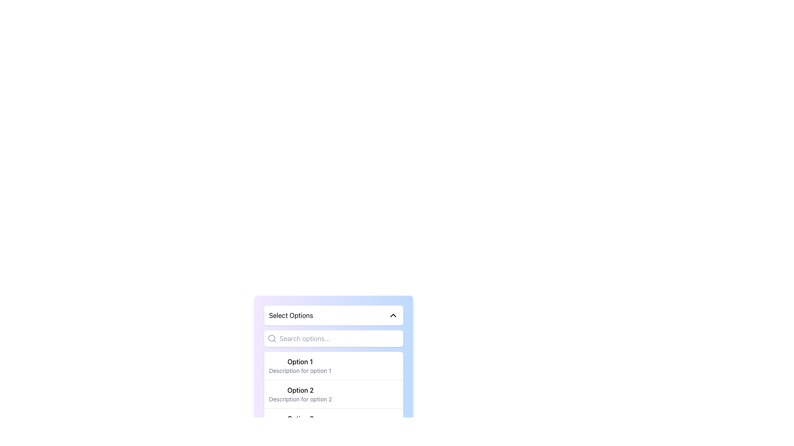  What do you see at coordinates (392, 315) in the screenshot?
I see `the upward-pointing chevron icon next to the 'Select Options' button` at bounding box center [392, 315].